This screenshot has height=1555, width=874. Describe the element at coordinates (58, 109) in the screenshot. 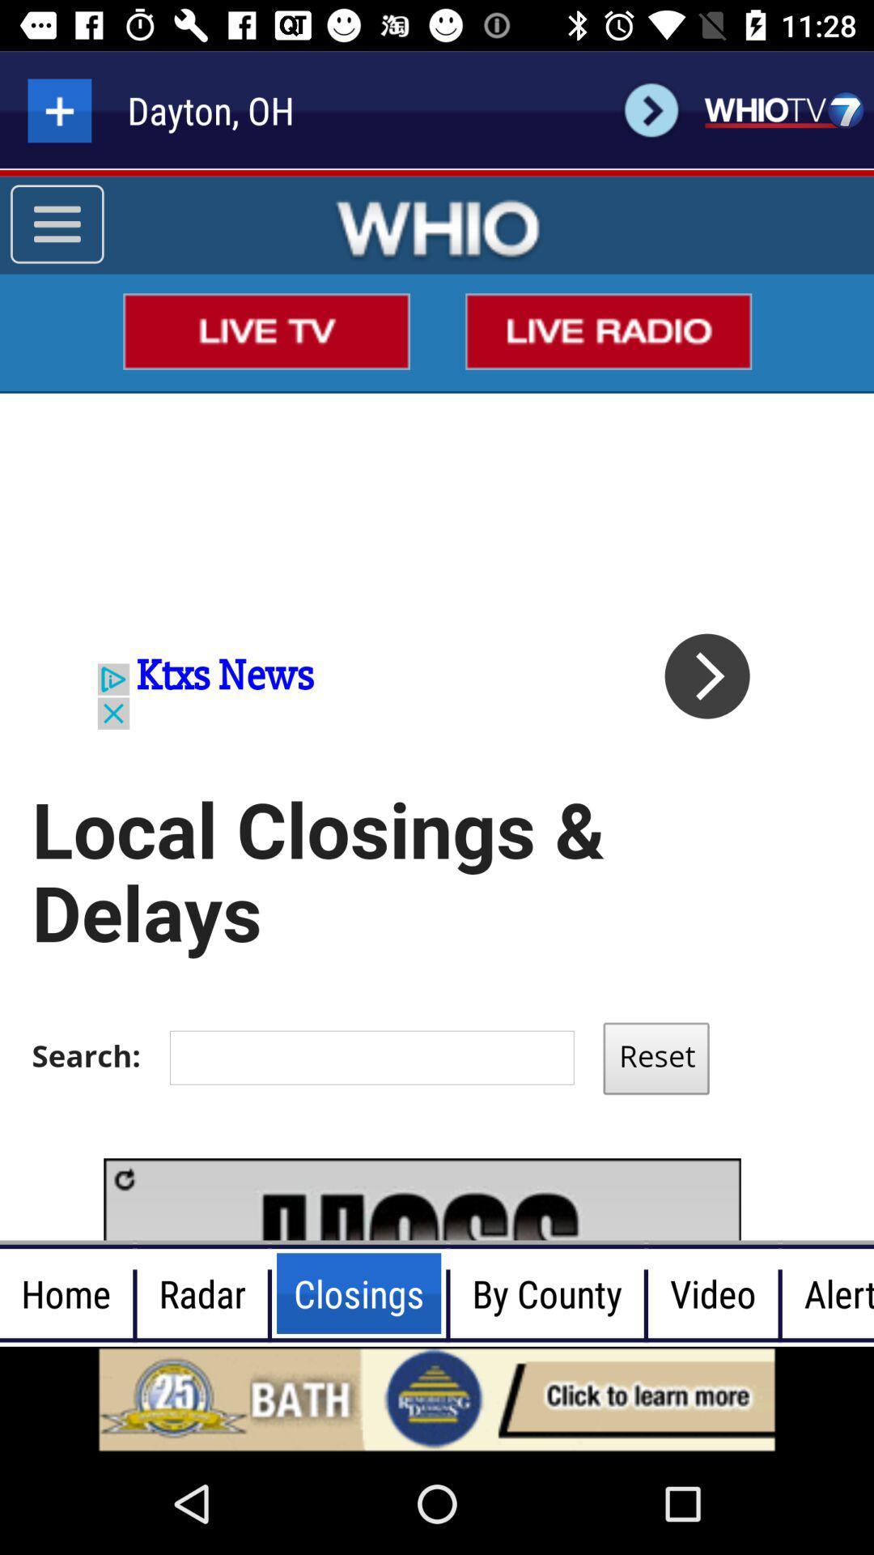

I see `the new tab` at that location.